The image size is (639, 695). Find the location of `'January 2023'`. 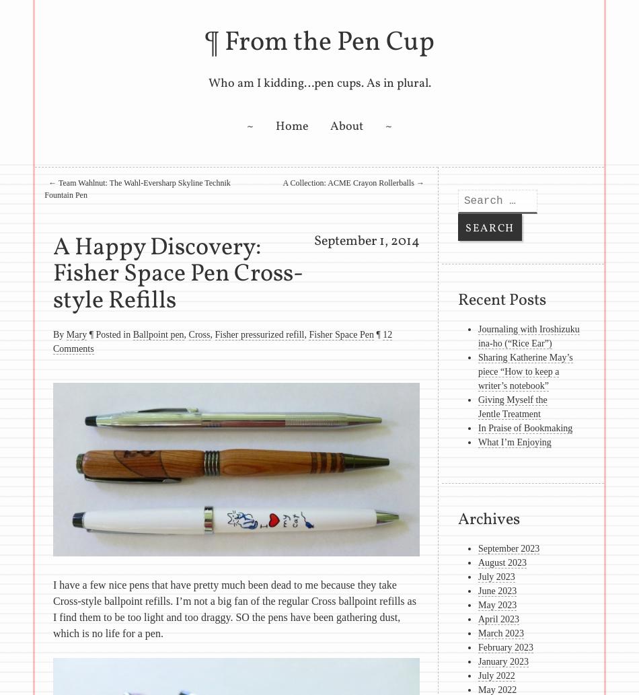

'January 2023' is located at coordinates (502, 661).